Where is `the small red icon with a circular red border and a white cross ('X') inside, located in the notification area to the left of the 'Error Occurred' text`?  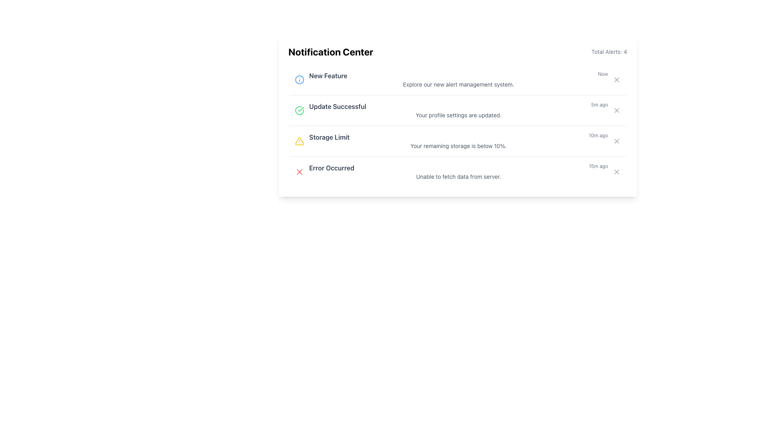
the small red icon with a circular red border and a white cross ('X') inside, located in the notification area to the left of the 'Error Occurred' text is located at coordinates (299, 172).